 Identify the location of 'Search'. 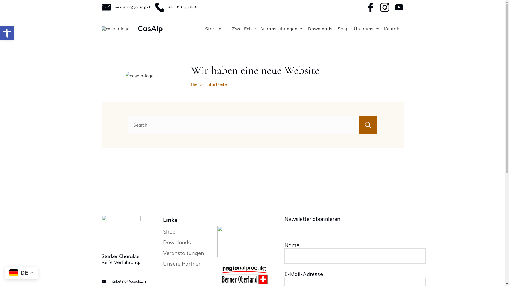
(367, 125).